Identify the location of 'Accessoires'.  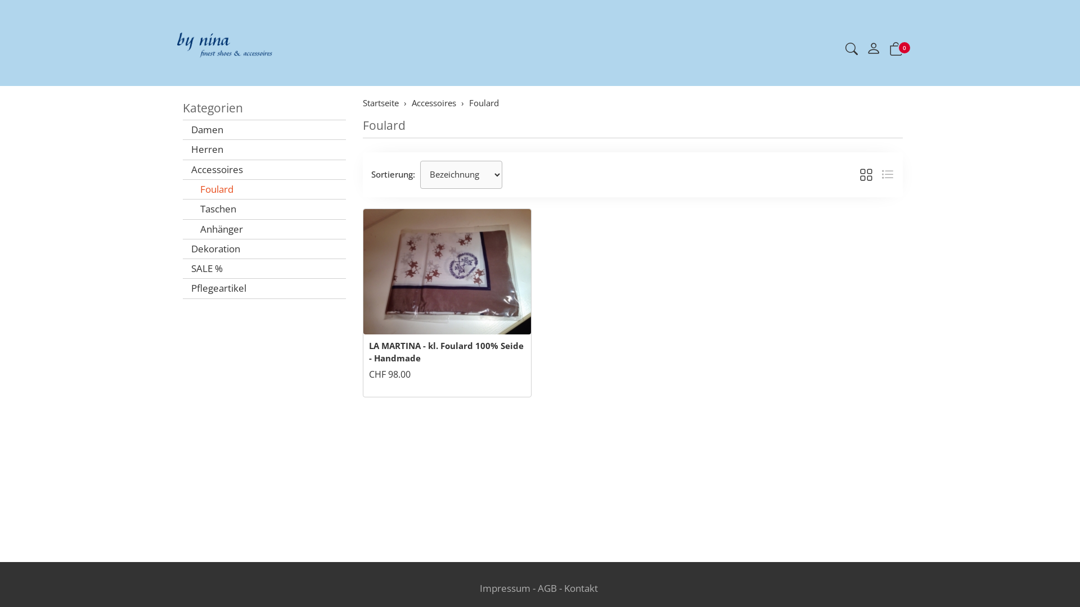
(264, 169).